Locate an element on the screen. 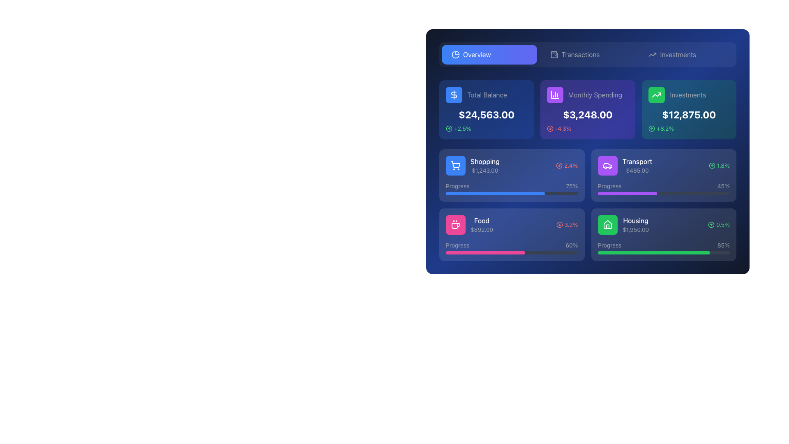 This screenshot has height=444, width=789. the 'Transport' text label that displays the cost of $485.00, located in the right section of the interface inside a rectangular card is located at coordinates (637, 165).